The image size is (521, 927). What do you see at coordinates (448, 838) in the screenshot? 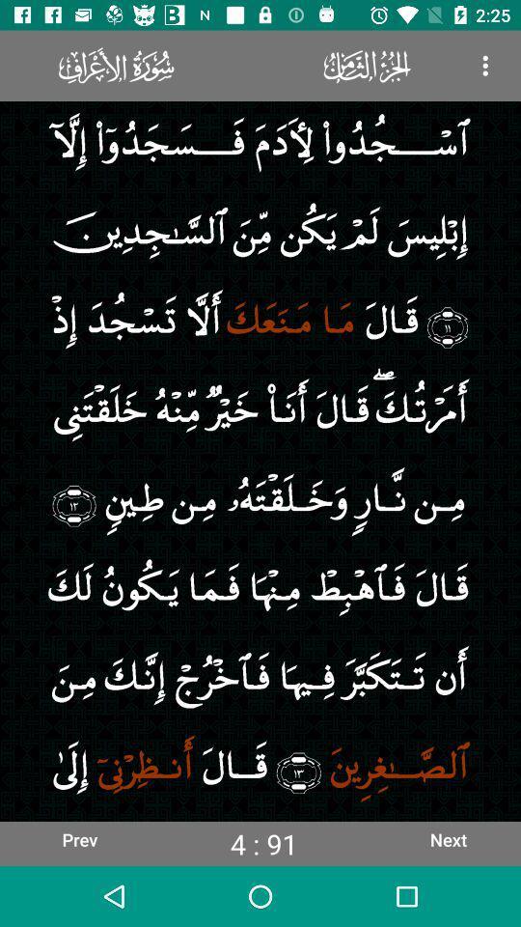
I see `the icon at the bottom right corner` at bounding box center [448, 838].